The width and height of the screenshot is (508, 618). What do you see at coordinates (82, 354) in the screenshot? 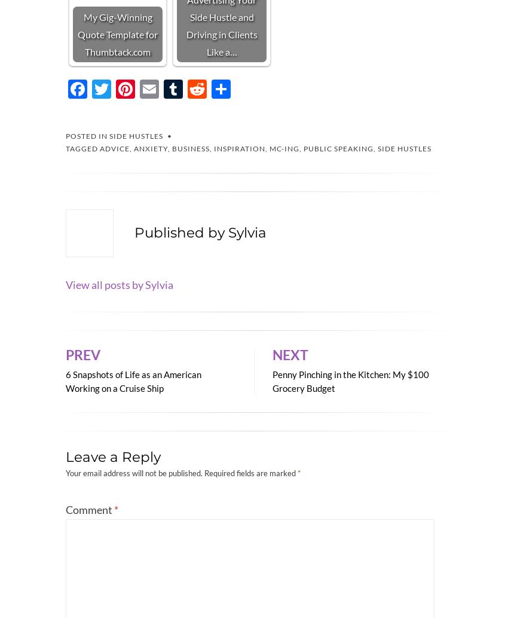
I see `'Prev'` at bounding box center [82, 354].